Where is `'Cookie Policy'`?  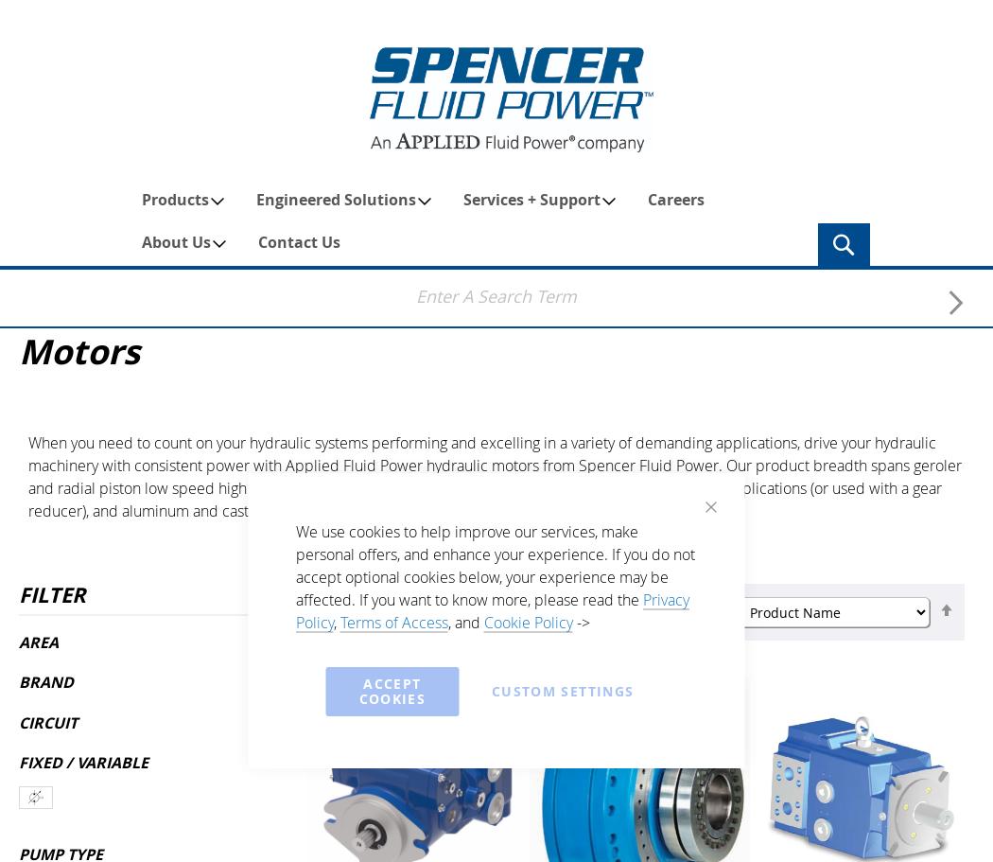
'Cookie Policy' is located at coordinates (527, 623).